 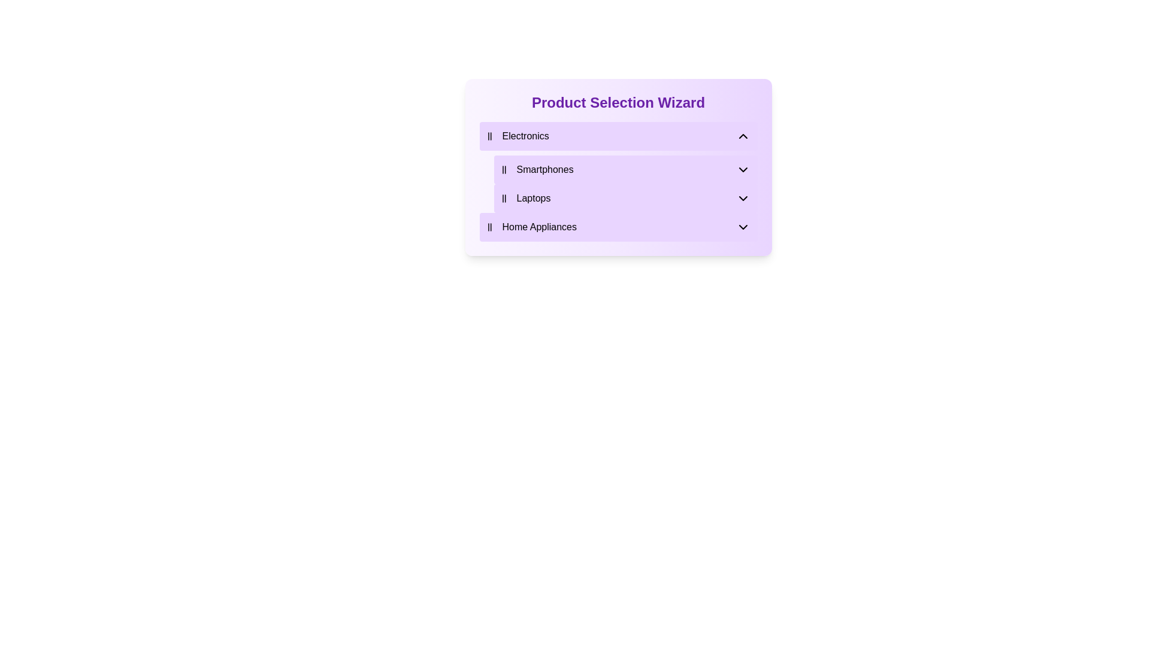 I want to click on the 'Laptops' text label with an associated tally marks icon, located within the 'Product Selection Wizard' under 'Electronics', so click(x=526, y=197).